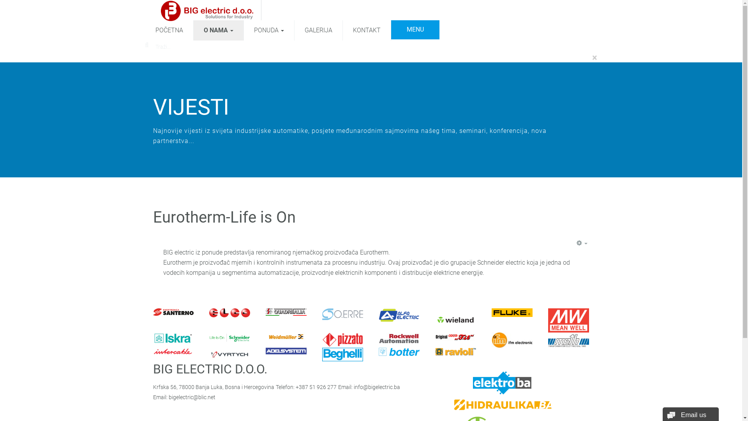 The image size is (748, 421). Describe the element at coordinates (265, 351) in the screenshot. I see `'Adelsystem'` at that location.